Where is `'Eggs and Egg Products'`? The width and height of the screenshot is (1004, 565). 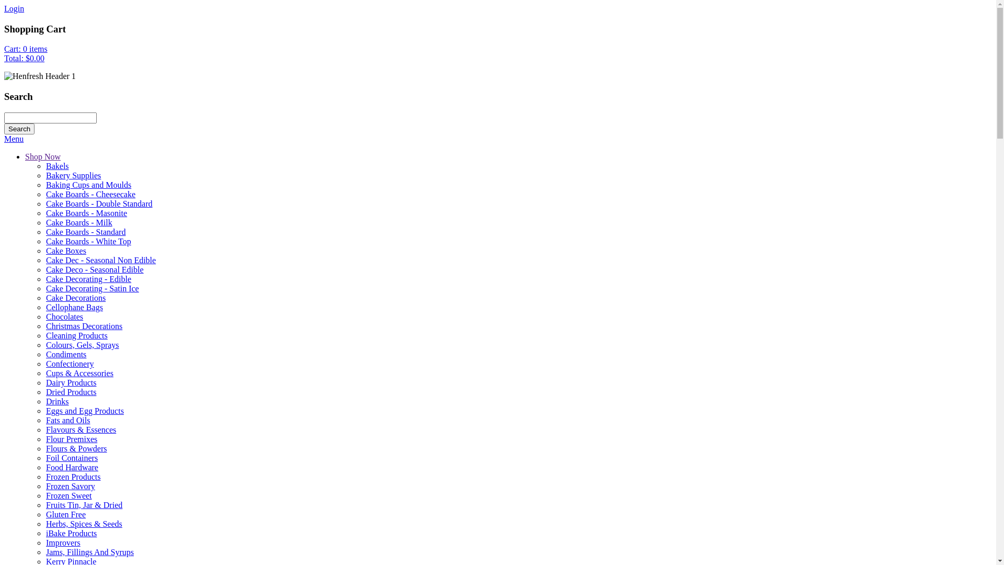 'Eggs and Egg Products' is located at coordinates (85, 410).